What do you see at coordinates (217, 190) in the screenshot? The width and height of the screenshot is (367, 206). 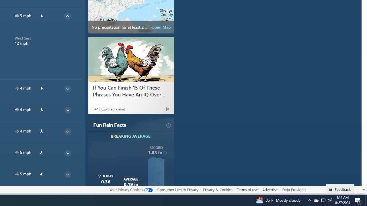 I see `'Privacy & Cookies'` at bounding box center [217, 190].